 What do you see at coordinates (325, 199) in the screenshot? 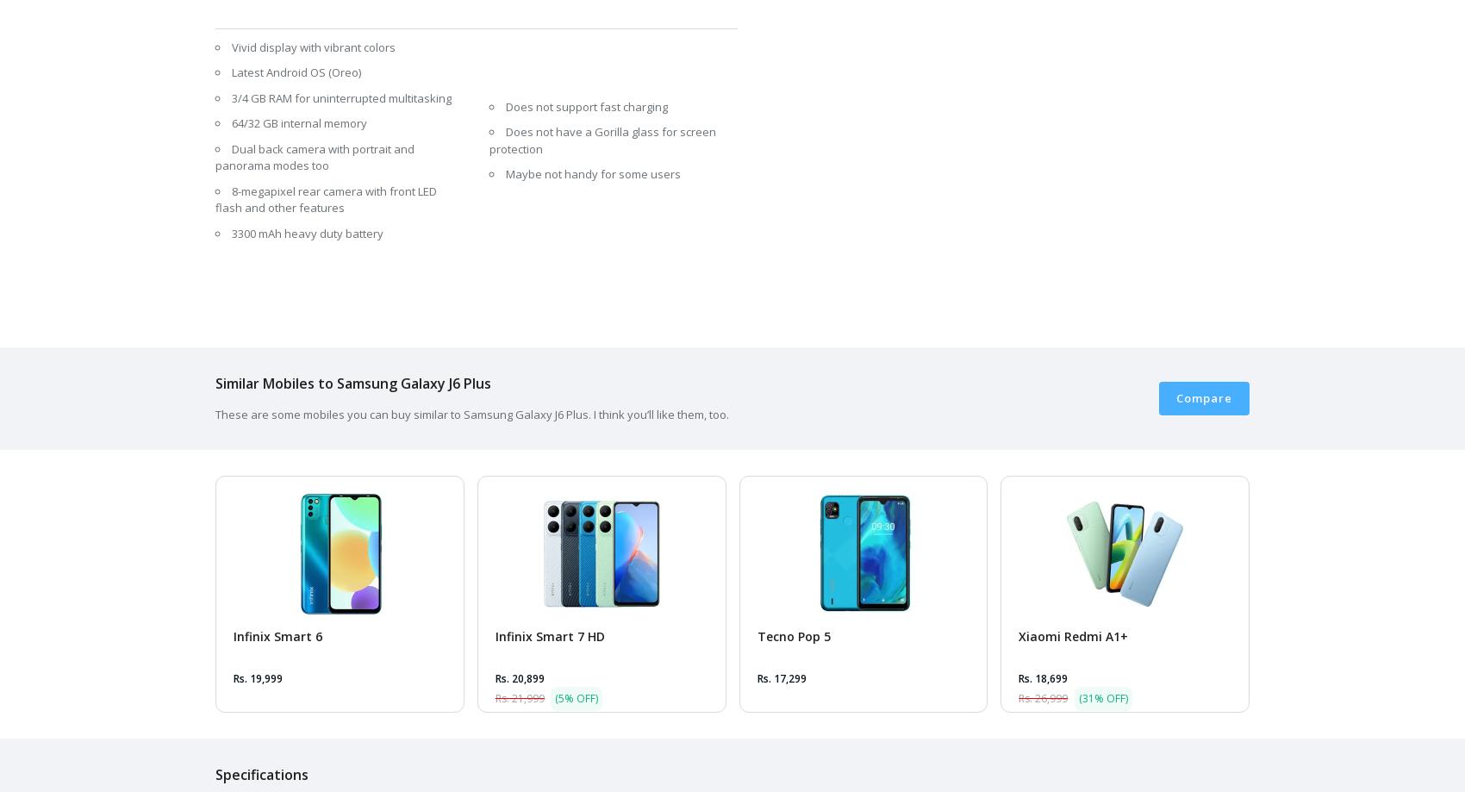
I see `'8-megapixel rear camera with front LED flash and other features'` at bounding box center [325, 199].